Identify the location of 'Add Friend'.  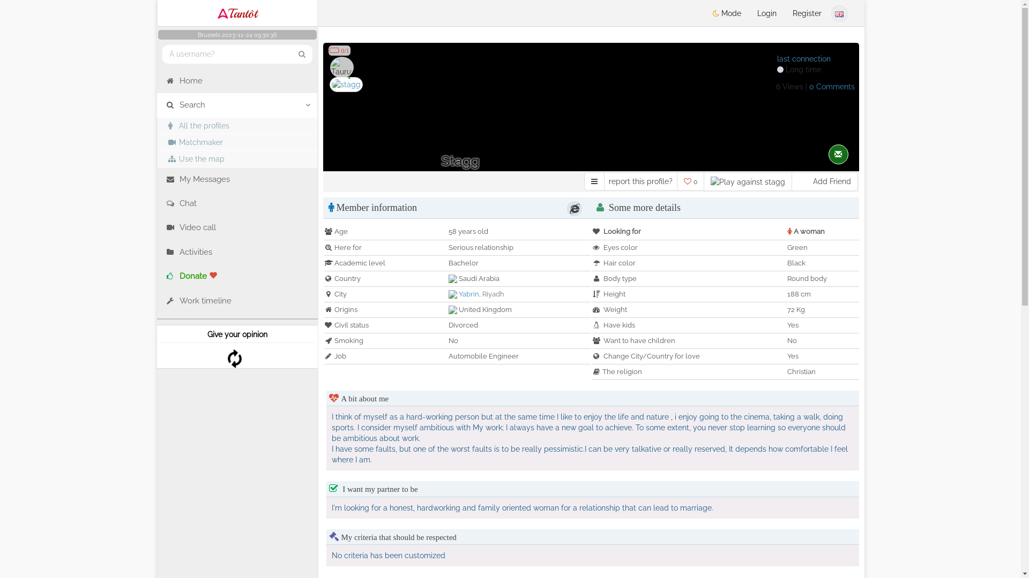
(792, 181).